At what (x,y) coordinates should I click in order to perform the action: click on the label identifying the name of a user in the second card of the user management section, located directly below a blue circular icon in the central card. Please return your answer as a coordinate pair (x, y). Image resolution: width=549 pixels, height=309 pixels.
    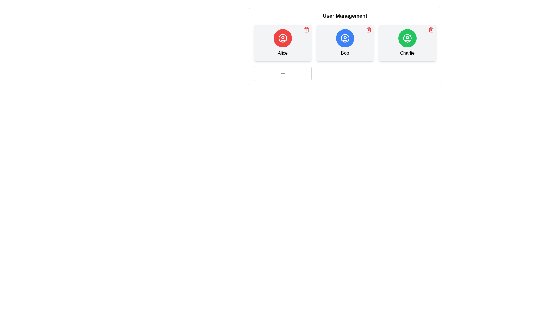
    Looking at the image, I should click on (345, 53).